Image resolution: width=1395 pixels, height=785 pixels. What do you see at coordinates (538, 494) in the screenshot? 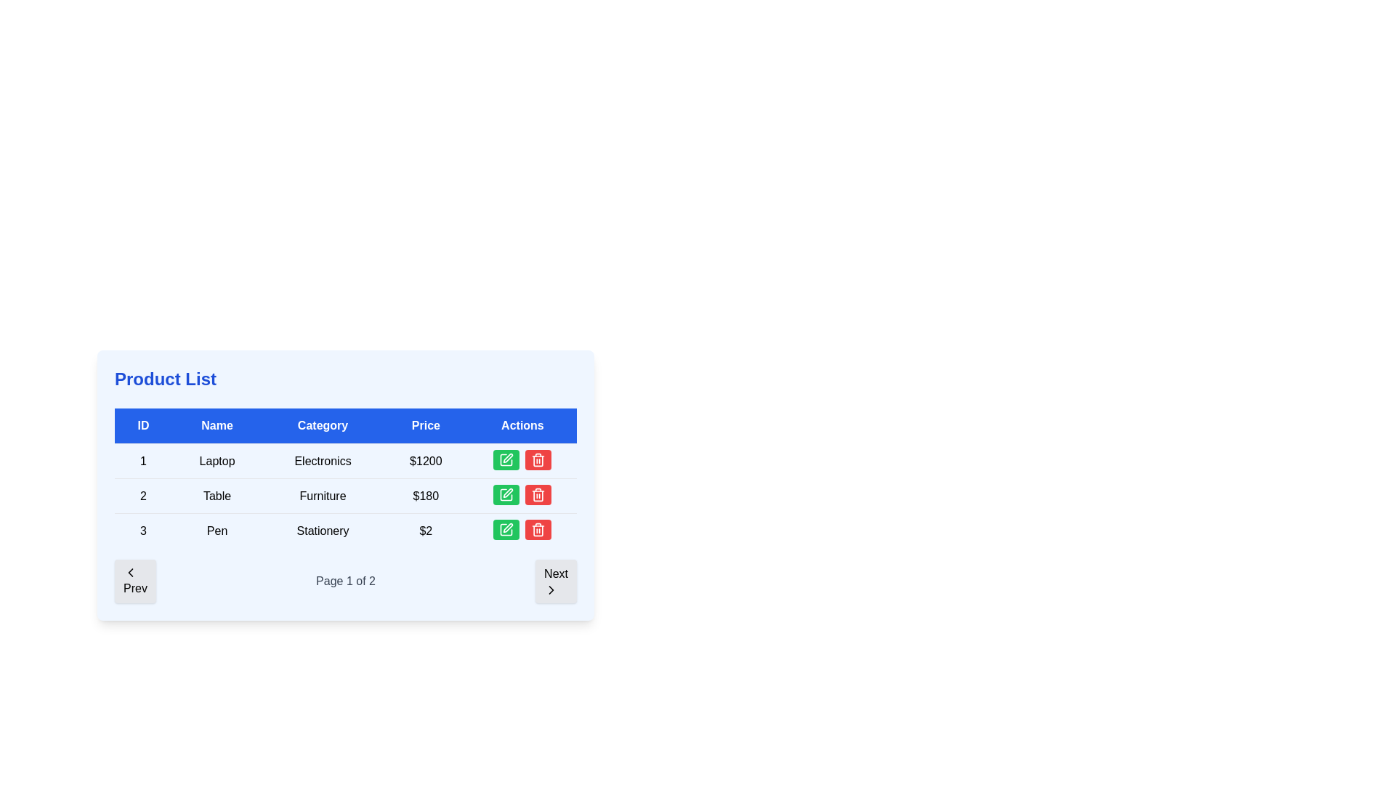
I see `the delete button located in the 'Actions' column for the 'Pen' entry in row 3 to initiate the delete action` at bounding box center [538, 494].